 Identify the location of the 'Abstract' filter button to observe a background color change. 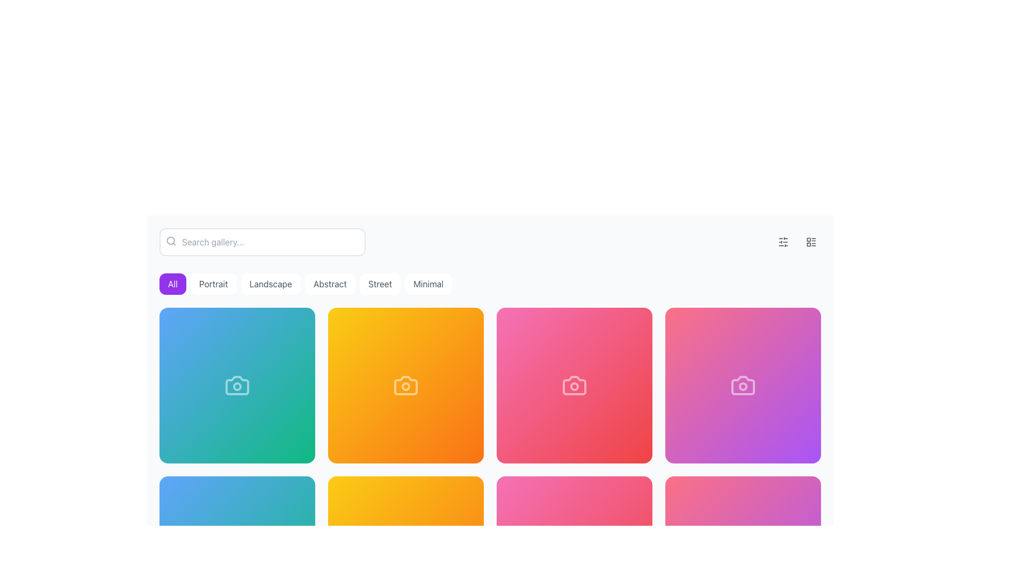
(329, 283).